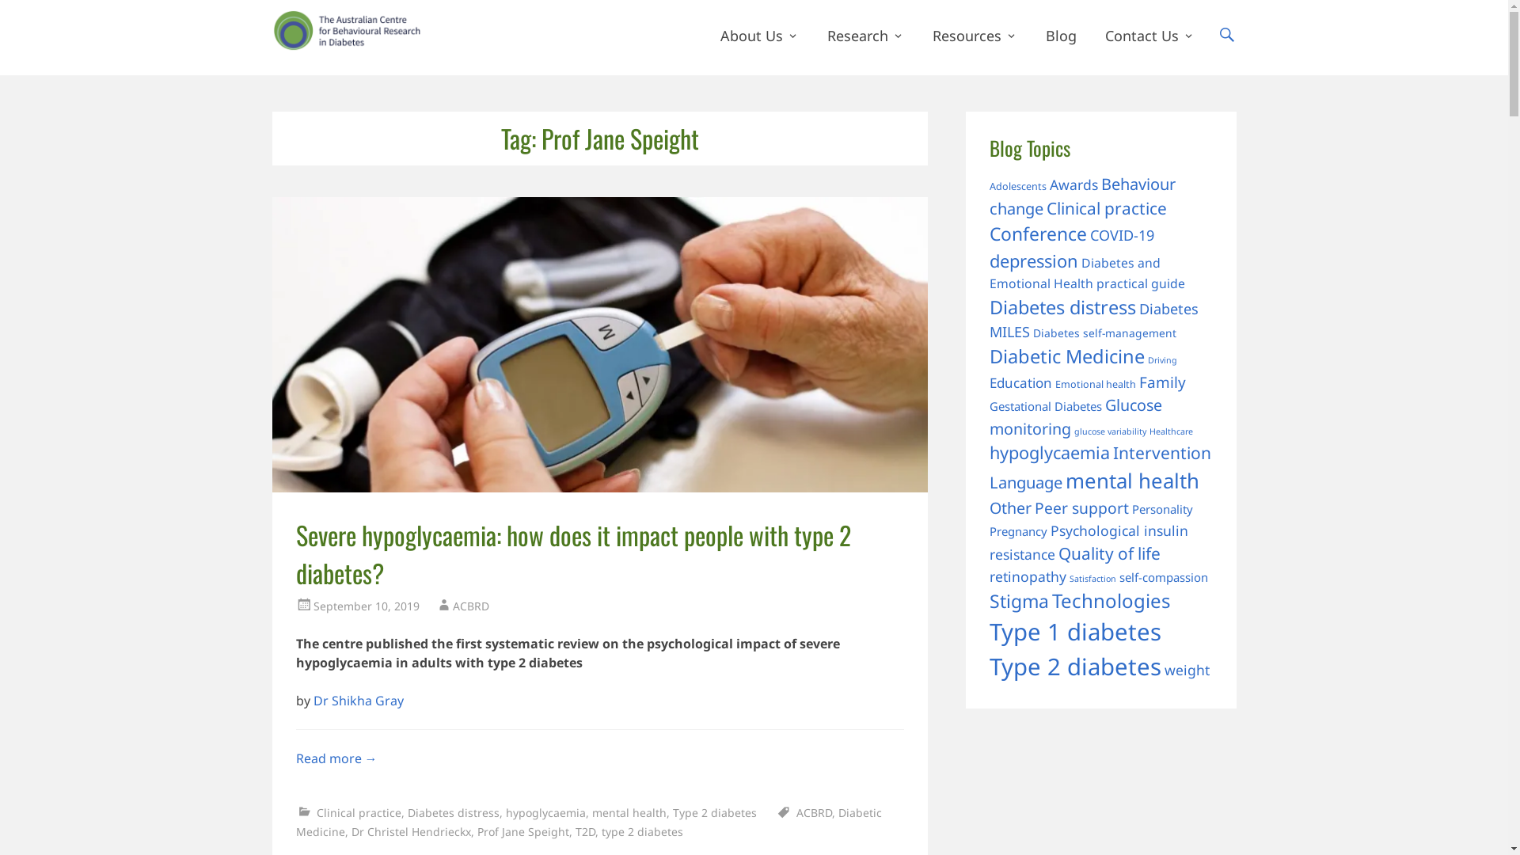 Image resolution: width=1520 pixels, height=855 pixels. I want to click on 'Behaviour change', so click(1081, 195).